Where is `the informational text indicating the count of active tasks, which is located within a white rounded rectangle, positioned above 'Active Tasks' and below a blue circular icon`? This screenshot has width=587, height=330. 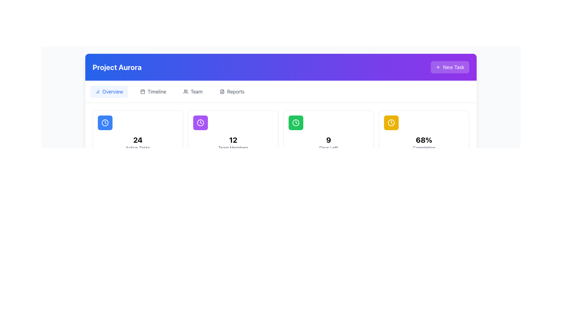 the informational text indicating the count of active tasks, which is located within a white rounded rectangle, positioned above 'Active Tasks' and below a blue circular icon is located at coordinates (138, 140).